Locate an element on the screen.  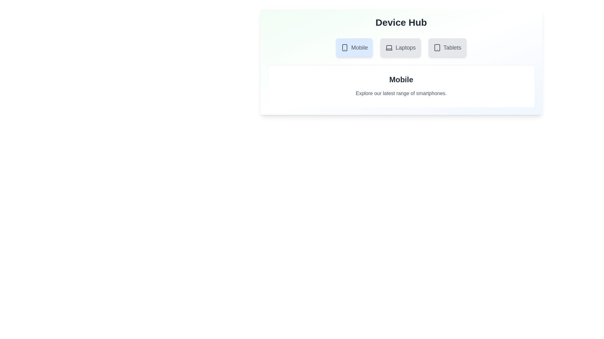
the tab labeled Mobile to inspect its visual styles is located at coordinates (354, 47).